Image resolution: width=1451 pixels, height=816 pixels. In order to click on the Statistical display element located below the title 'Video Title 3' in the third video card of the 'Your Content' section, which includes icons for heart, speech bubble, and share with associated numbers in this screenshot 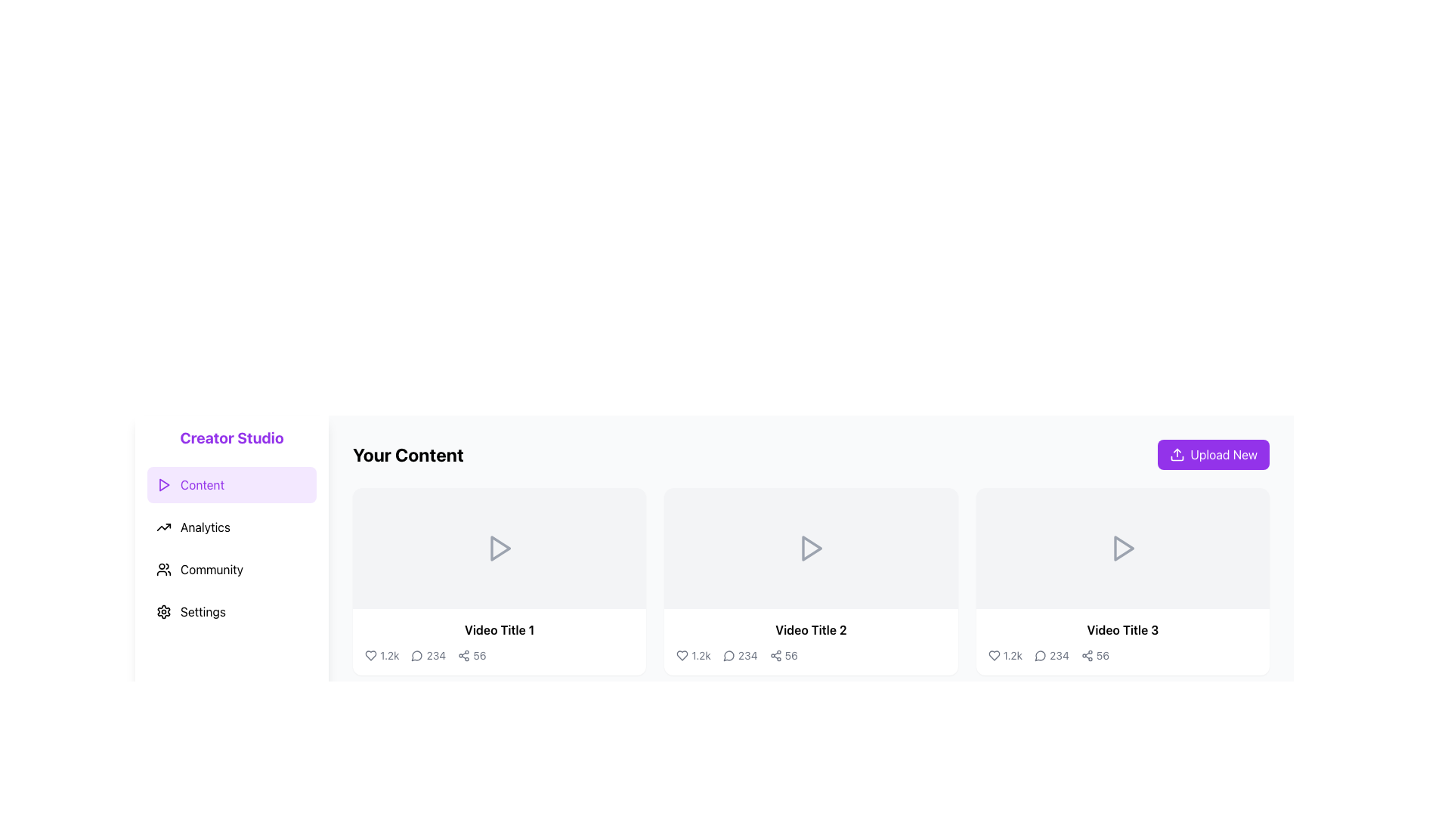, I will do `click(1122, 654)`.